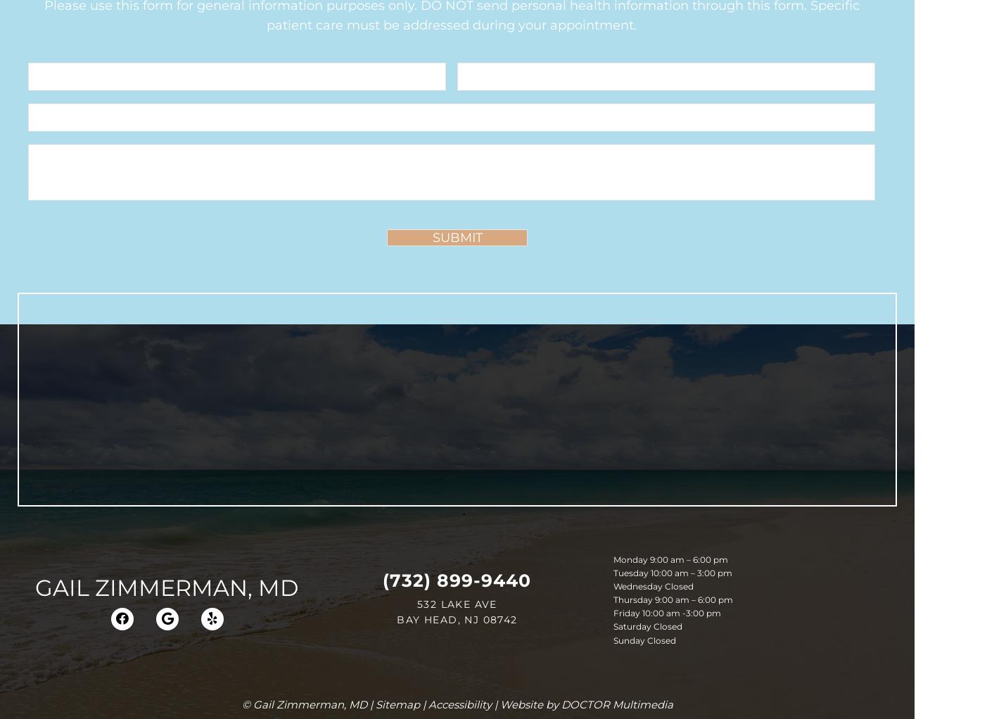 The width and height of the screenshot is (1006, 719). What do you see at coordinates (585, 704) in the screenshot?
I see `'Website by DOCTOR Multimedia'` at bounding box center [585, 704].